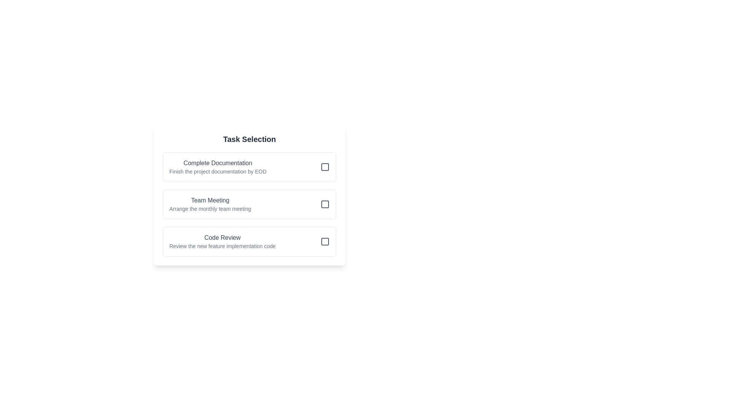 Image resolution: width=731 pixels, height=411 pixels. I want to click on the status indicator icon for the 'Complete Documentation' task item, so click(325, 167).